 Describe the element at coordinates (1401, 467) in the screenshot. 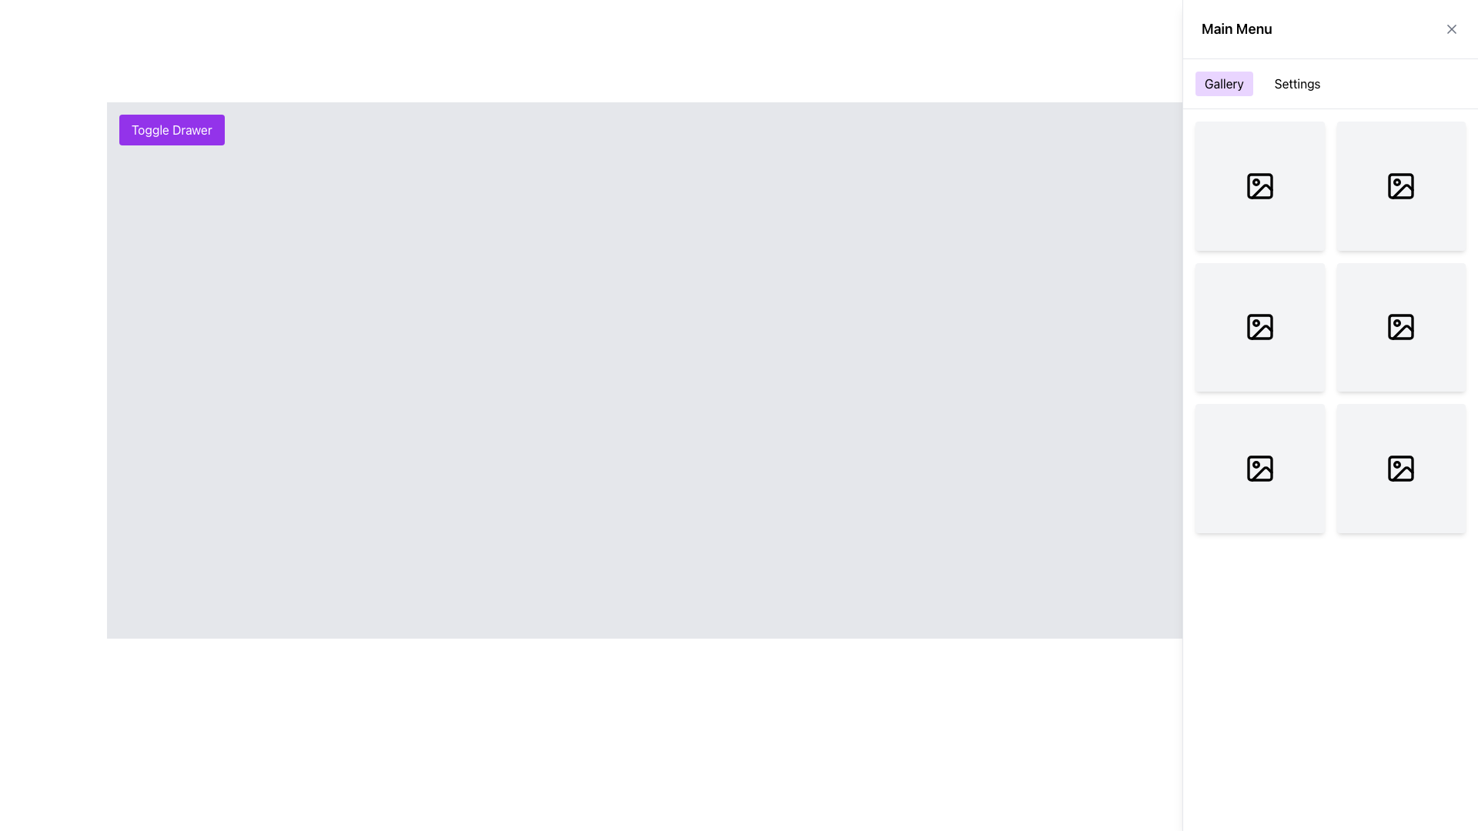

I see `the image placeholder located at the bottom-right position in the grid layout` at that location.